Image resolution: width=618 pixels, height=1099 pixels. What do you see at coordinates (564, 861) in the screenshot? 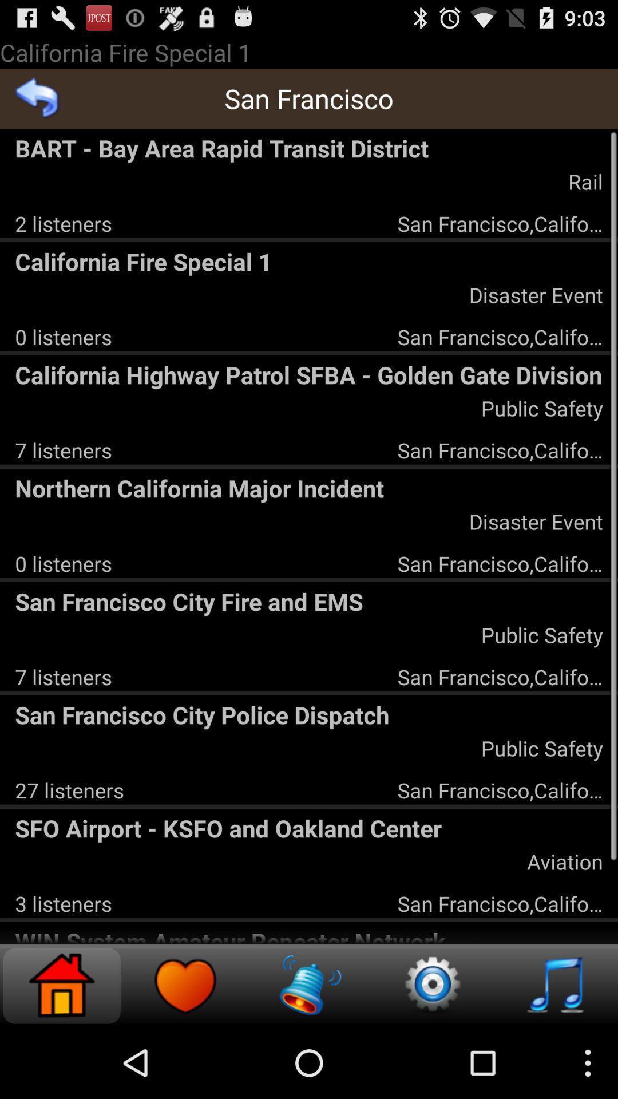
I see `item below the sfo airport ksfo icon` at bounding box center [564, 861].